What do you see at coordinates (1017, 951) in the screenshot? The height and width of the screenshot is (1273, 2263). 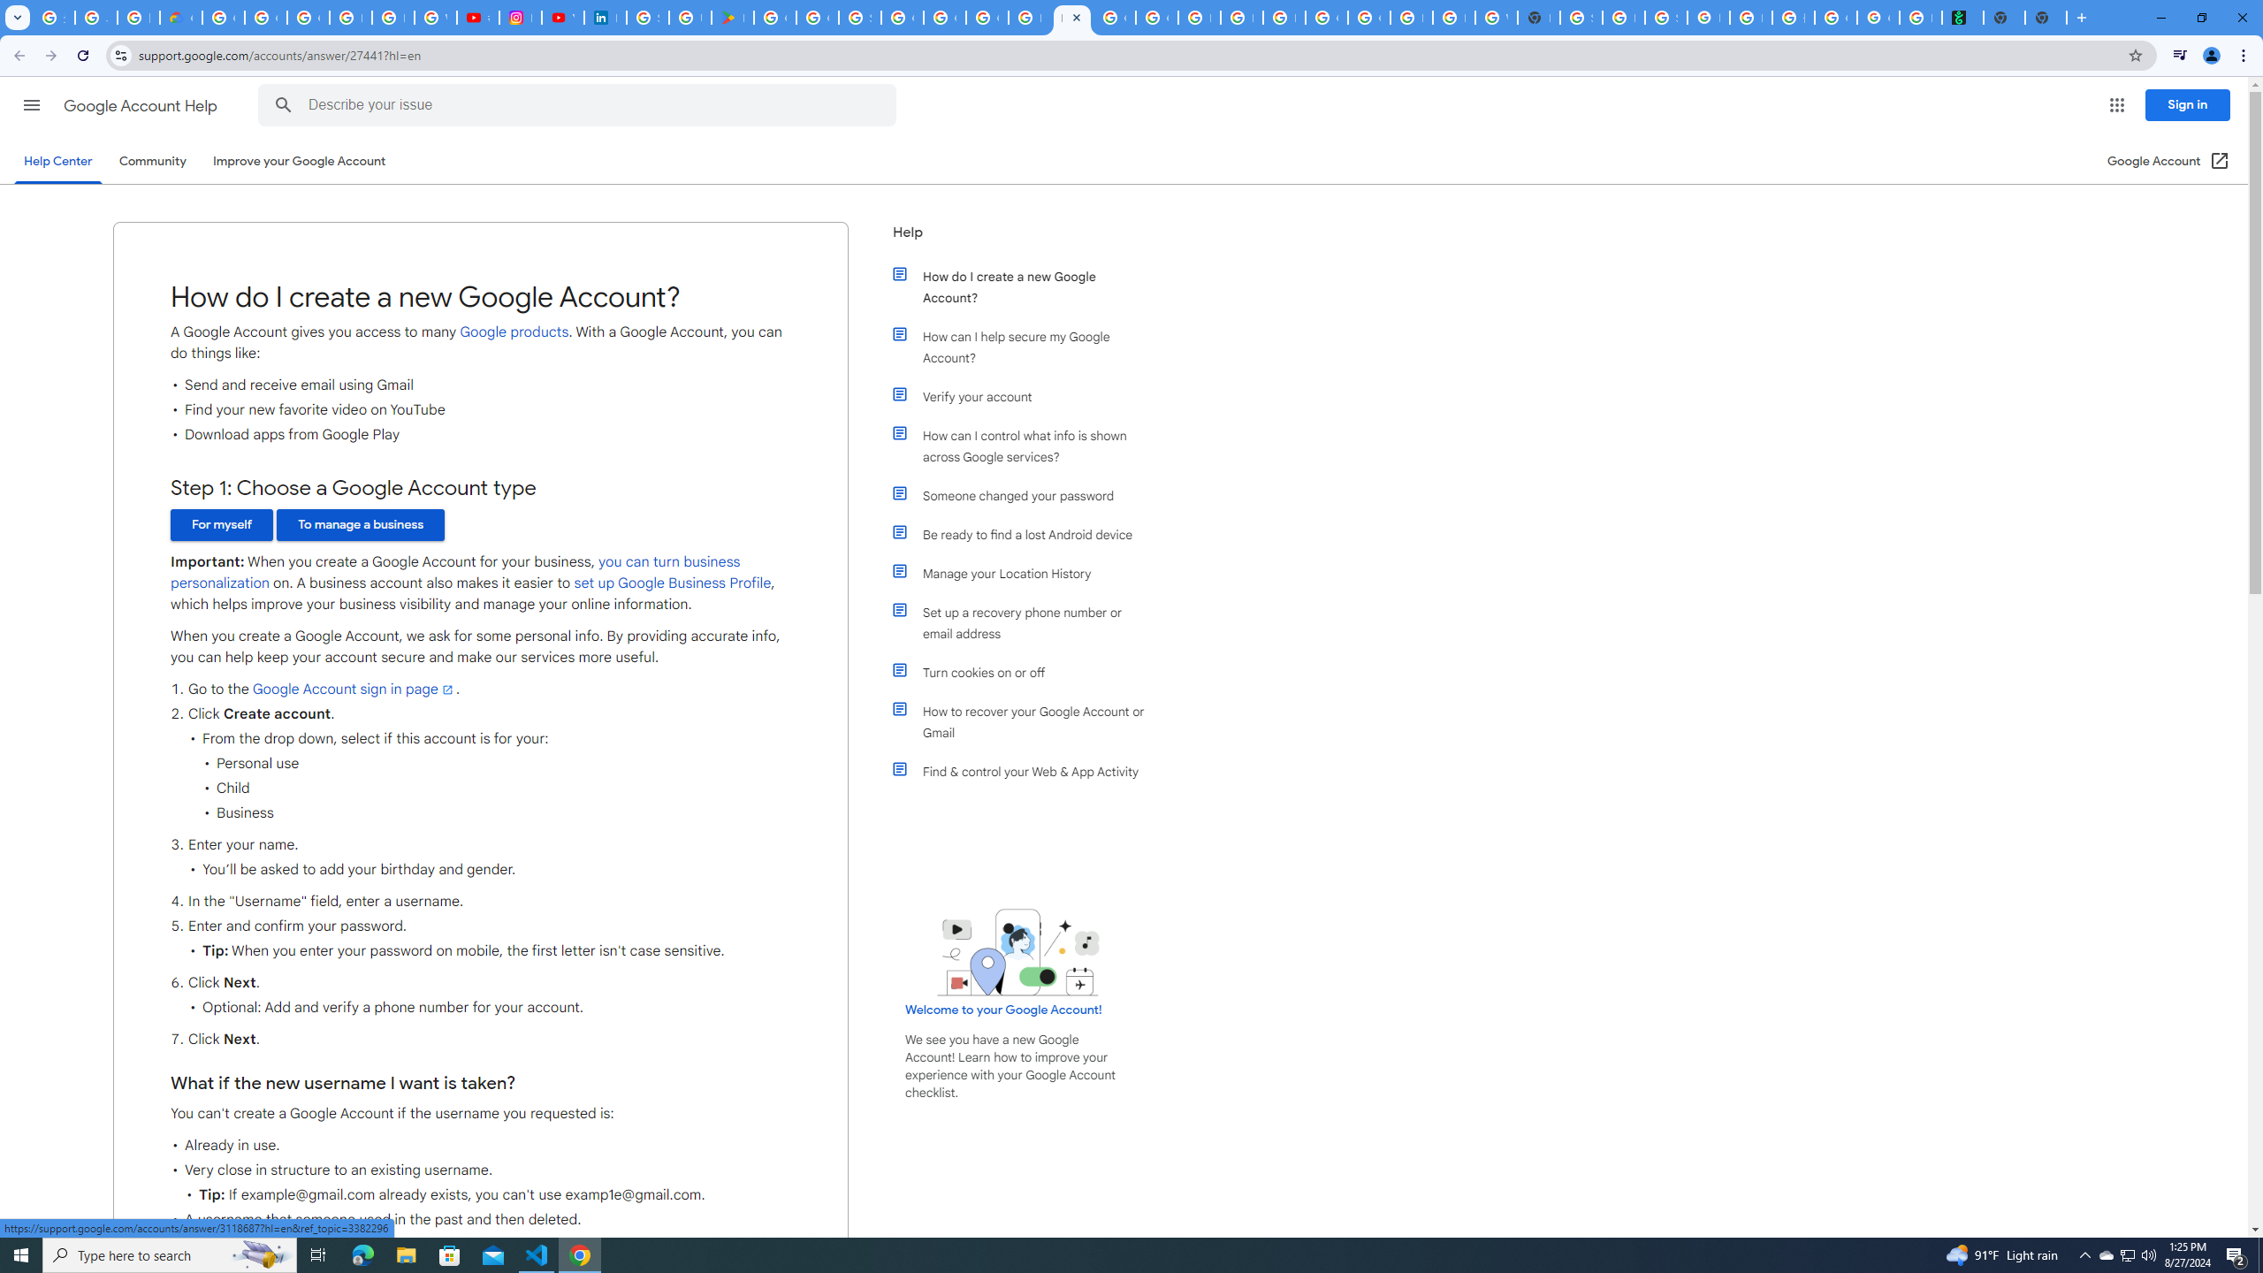 I see `'Learning Center home page image'` at bounding box center [1017, 951].